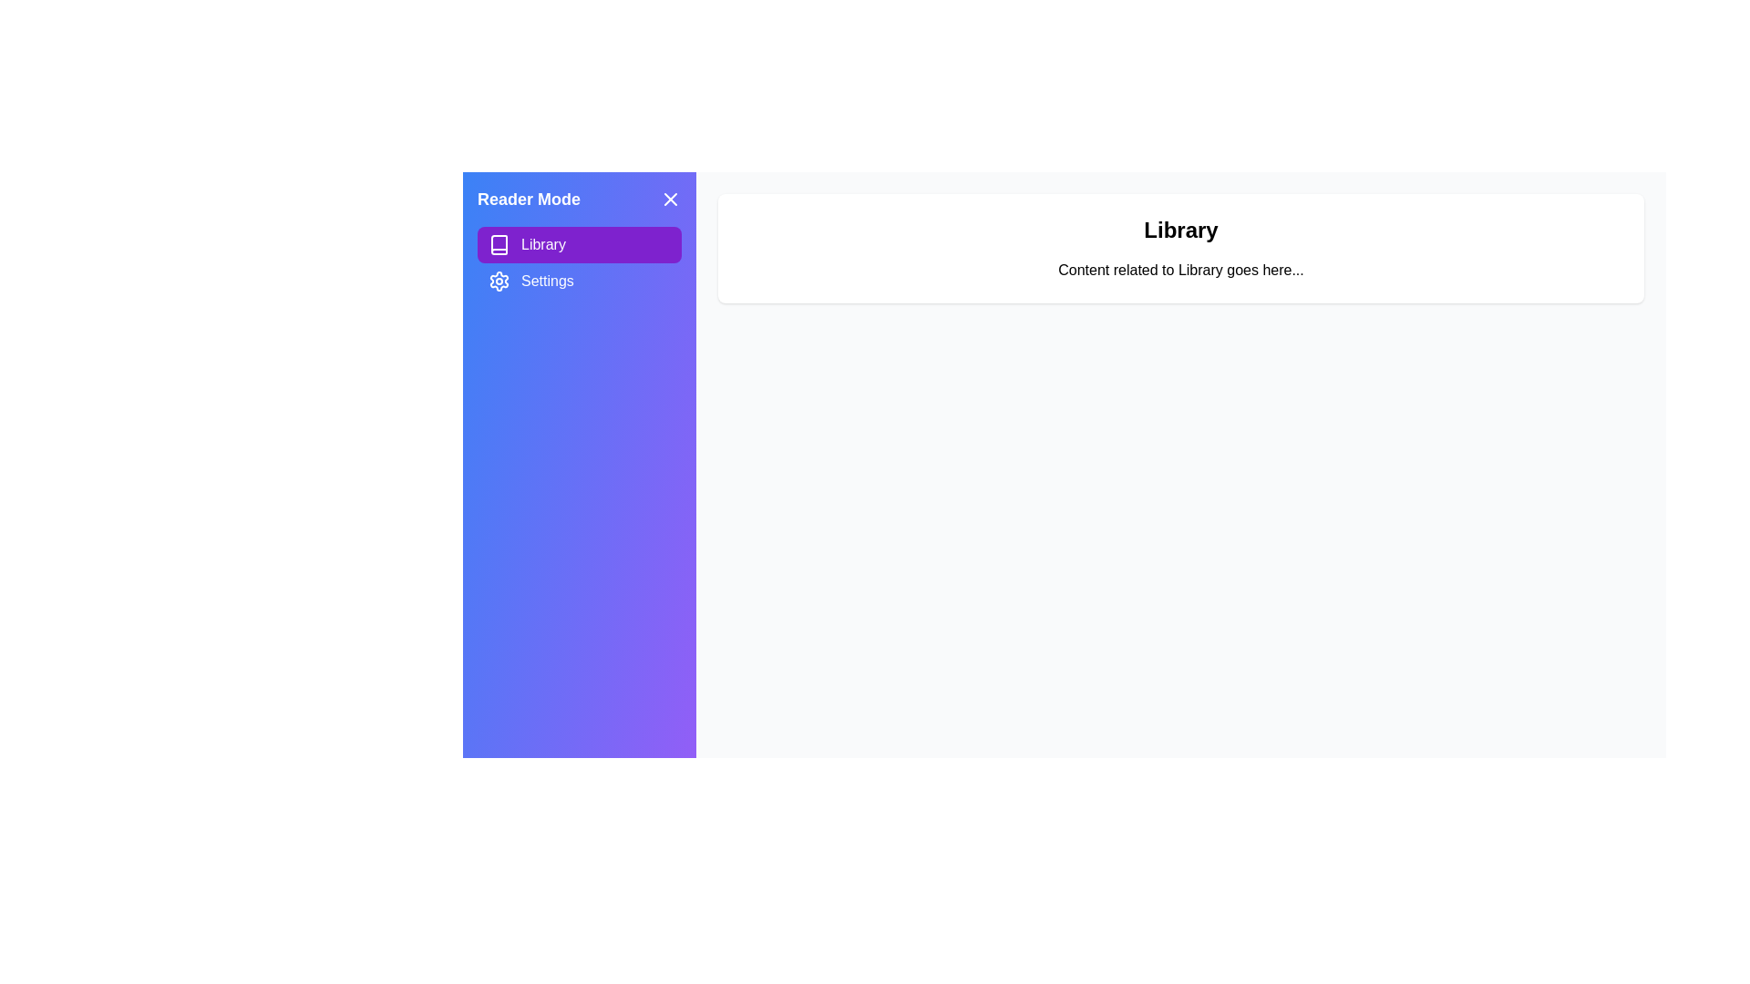 The image size is (1750, 984). I want to click on the section Settings to observe visual feedback, so click(578, 281).